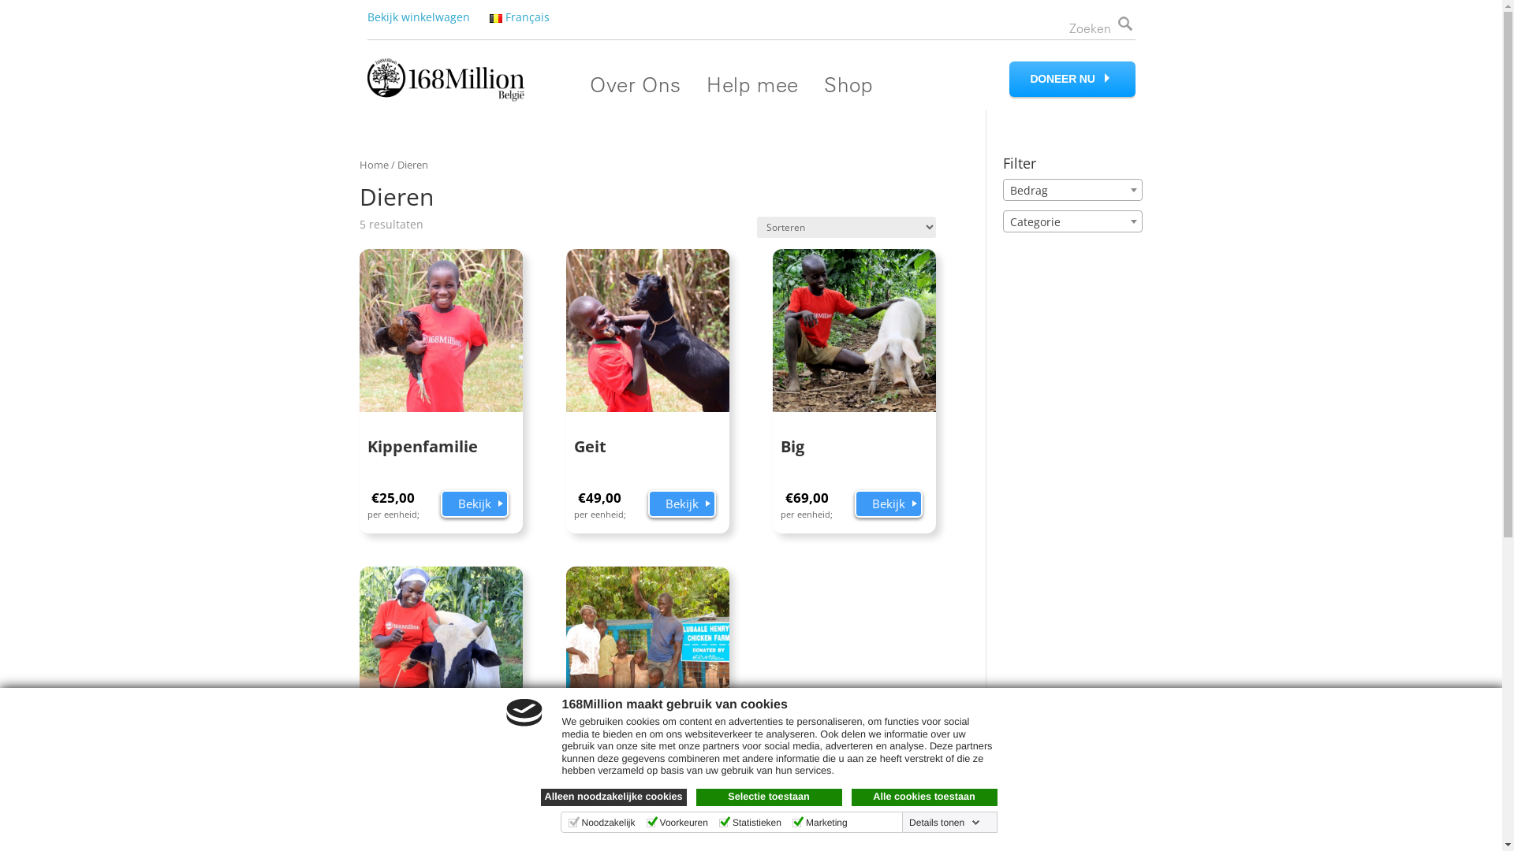 This screenshot has height=851, width=1514. I want to click on 'Kippenfamilie', so click(441, 362).